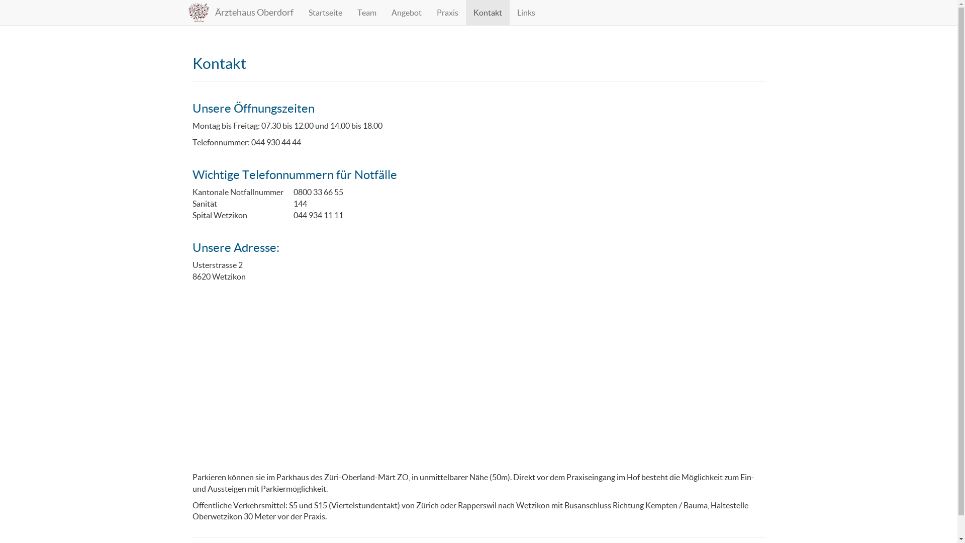  I want to click on 'Team', so click(350, 12).